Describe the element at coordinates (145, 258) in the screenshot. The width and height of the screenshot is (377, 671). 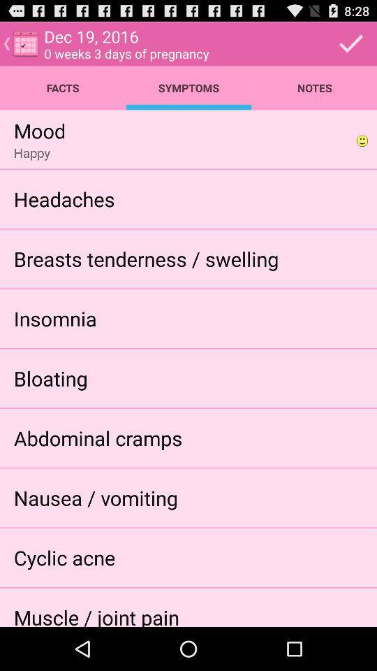
I see `the icon at the center` at that location.